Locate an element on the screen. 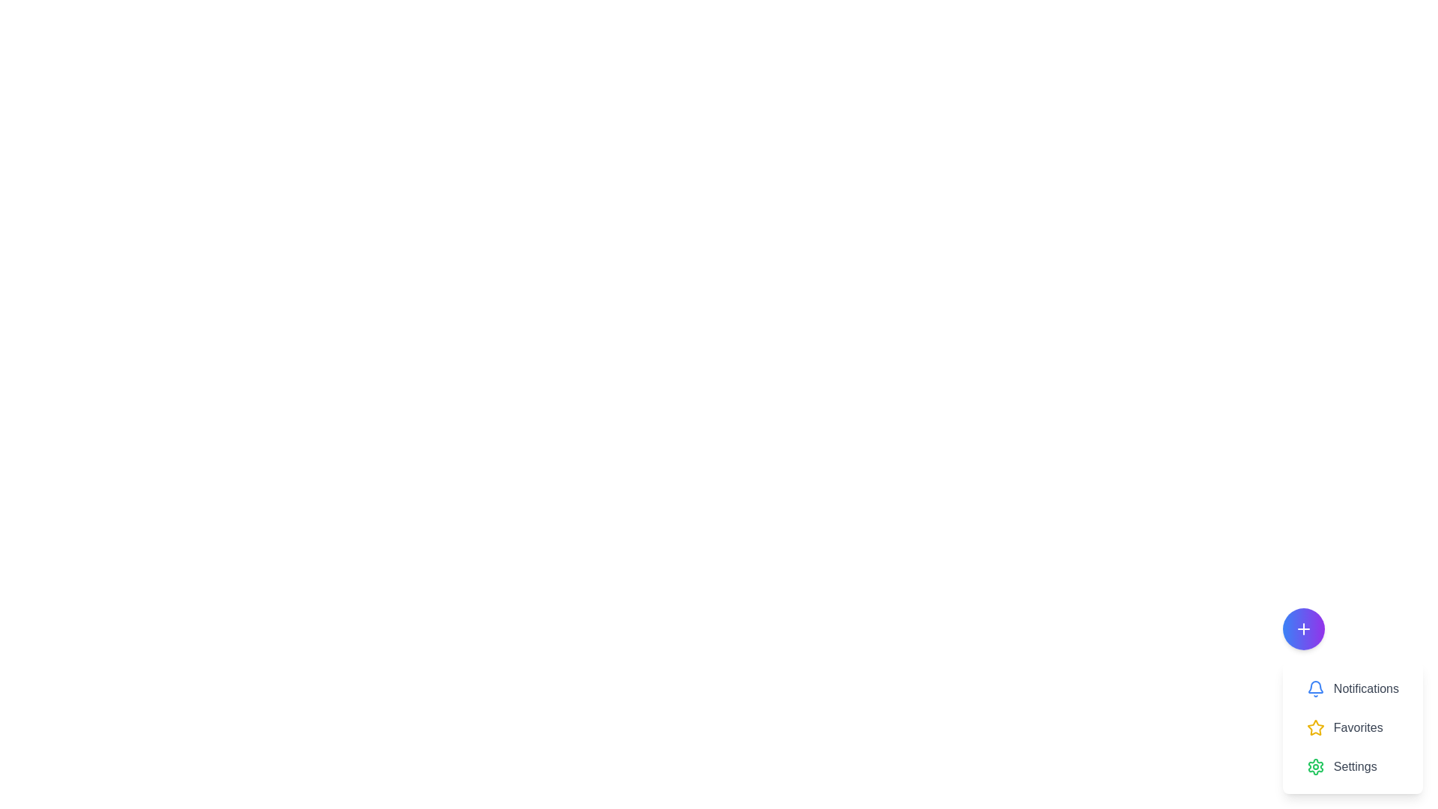  the second item in the dropdown Menu labeled 'Favorites', which has a star icon colored yellow is located at coordinates (1353, 727).